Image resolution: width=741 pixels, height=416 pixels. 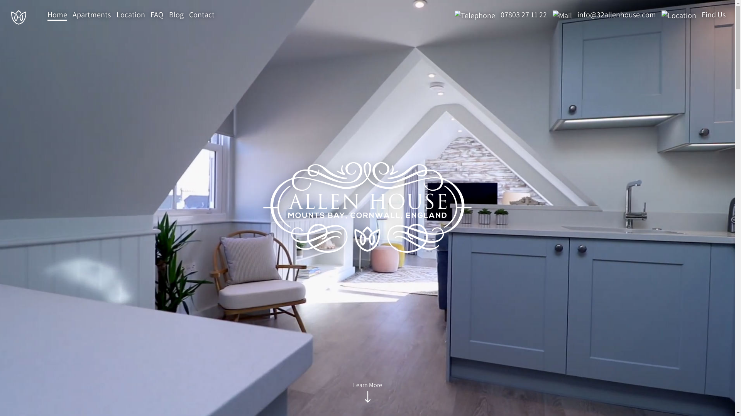 I want to click on 'FAQ', so click(x=156, y=15).